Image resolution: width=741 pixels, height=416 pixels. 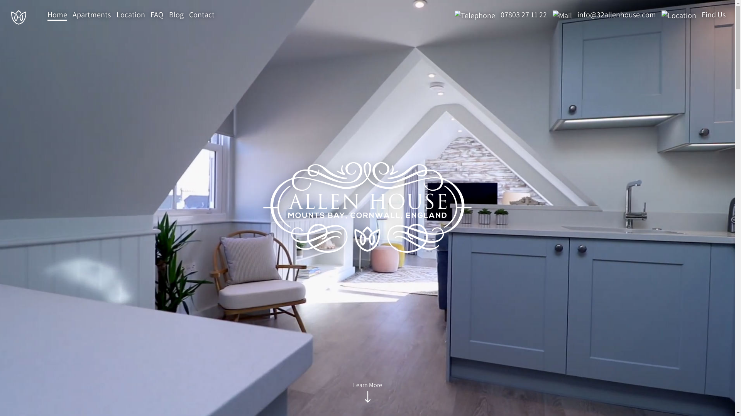 I want to click on 'FAQ', so click(x=156, y=15).